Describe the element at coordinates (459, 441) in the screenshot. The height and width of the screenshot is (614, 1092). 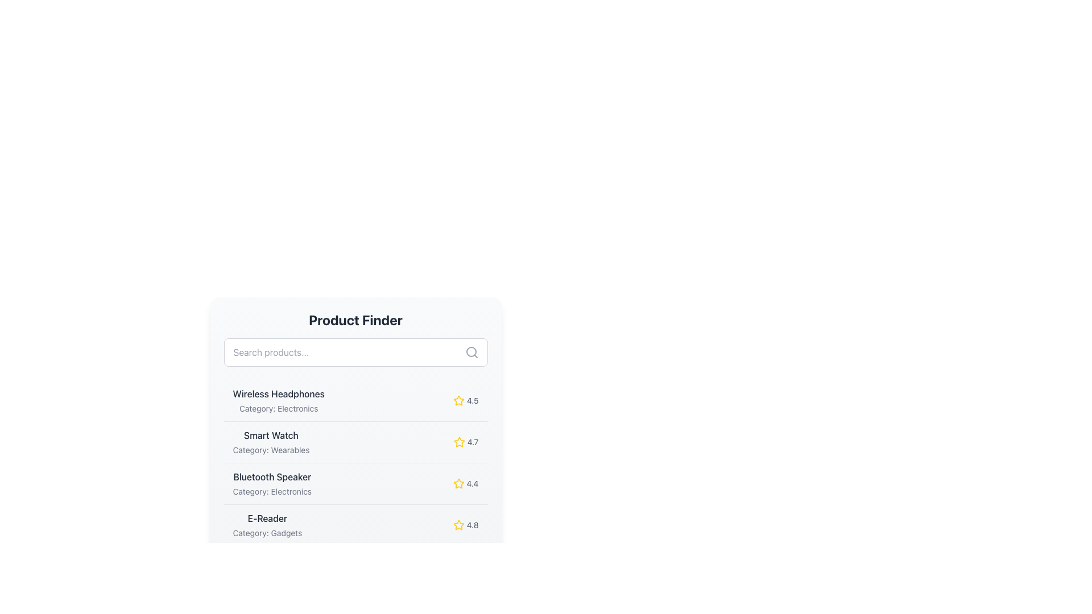
I see `the rating icon for the 'Smart Watch' product, which visually represents a rating of '4.7' and is positioned to the right of the product name in the second row of the list` at that location.